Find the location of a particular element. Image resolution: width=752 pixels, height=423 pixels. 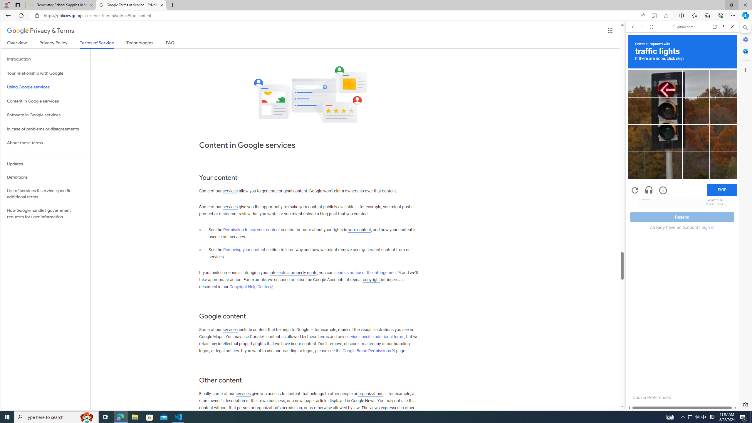

'gitlab.com' is located at coordinates (684, 27).